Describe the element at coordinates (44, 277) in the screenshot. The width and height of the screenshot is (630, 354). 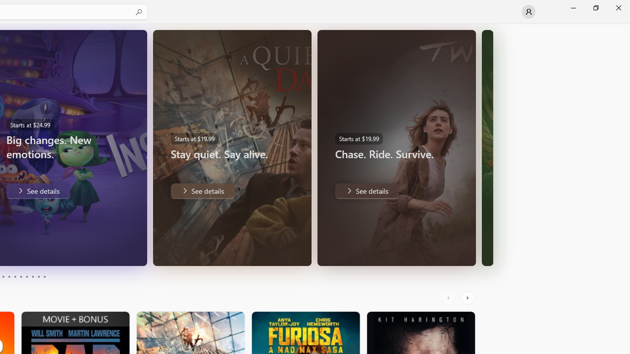
I see `'Page 10'` at that location.